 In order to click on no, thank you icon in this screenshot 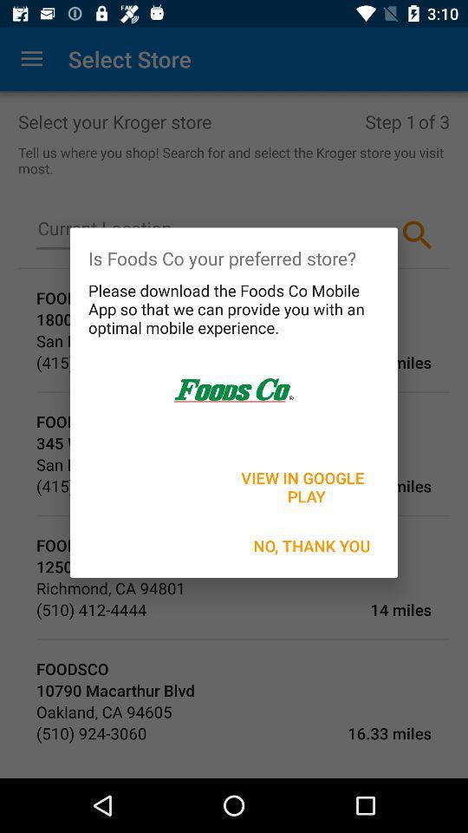, I will do `click(311, 545)`.